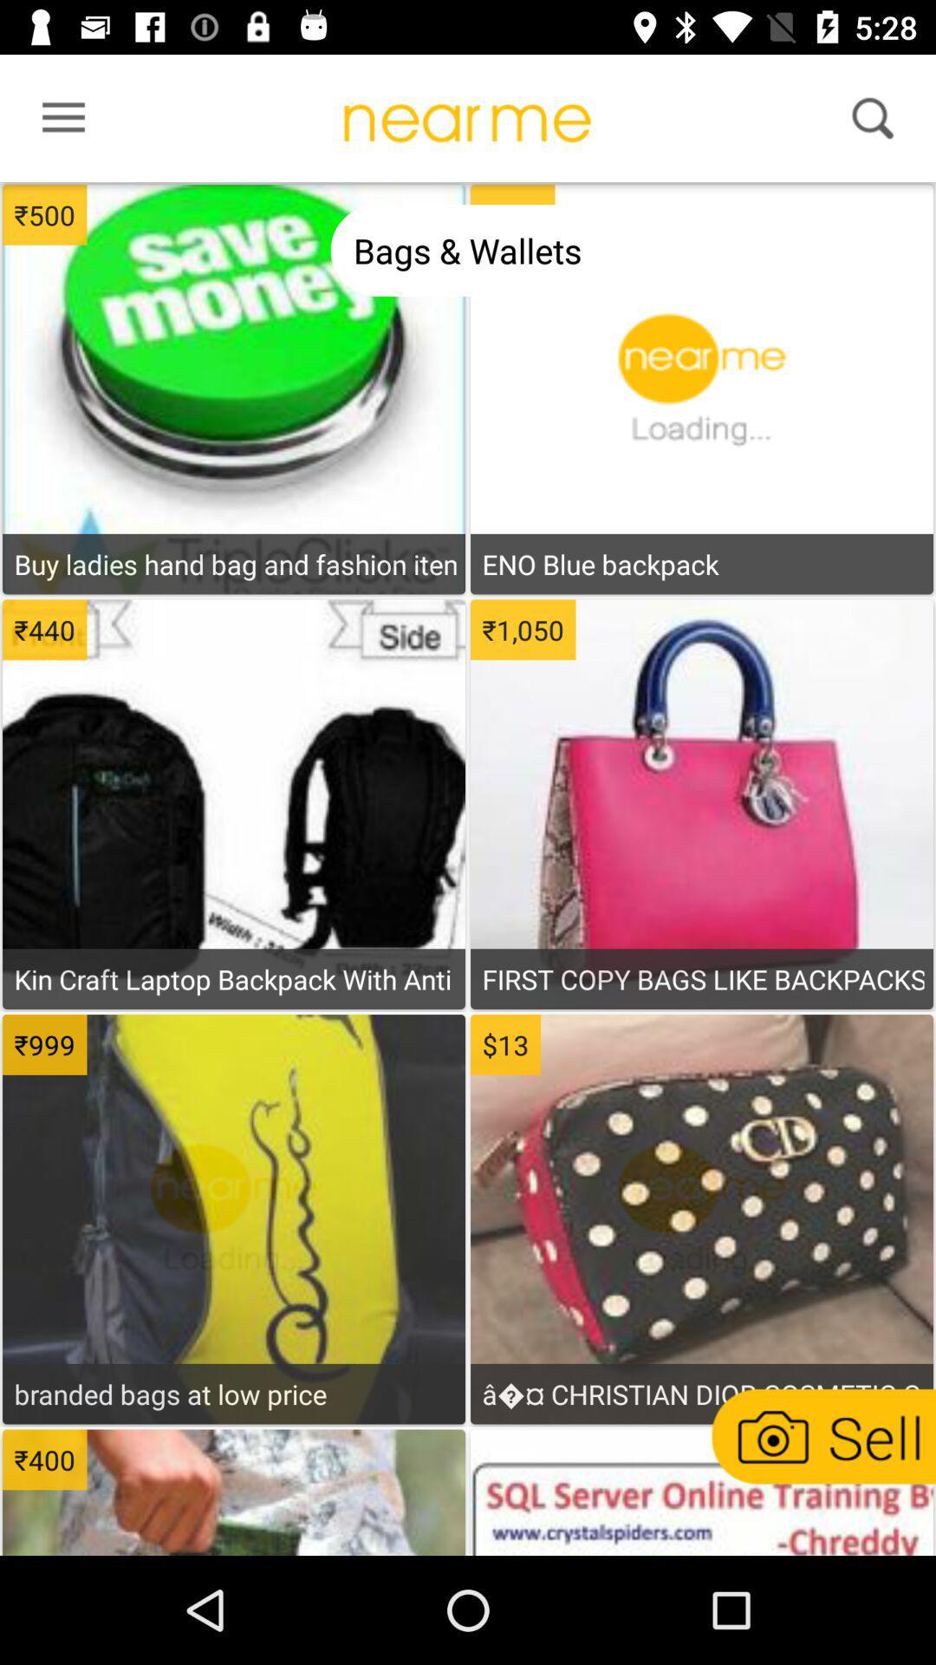 This screenshot has height=1665, width=936. I want to click on flyout, so click(57, 121).